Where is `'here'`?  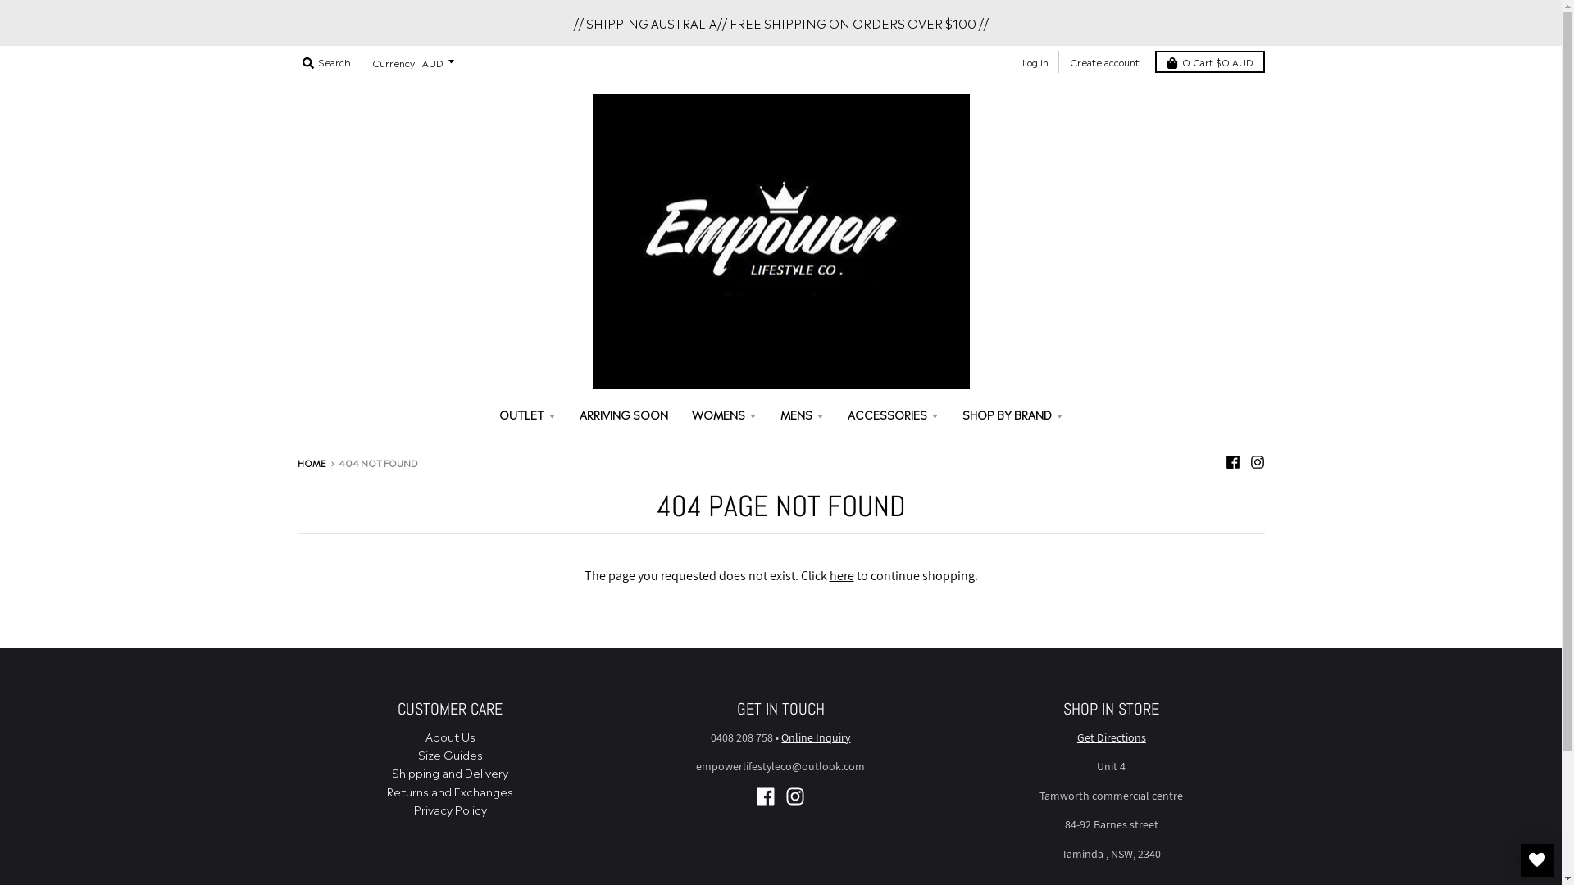 'here' is located at coordinates (842, 574).